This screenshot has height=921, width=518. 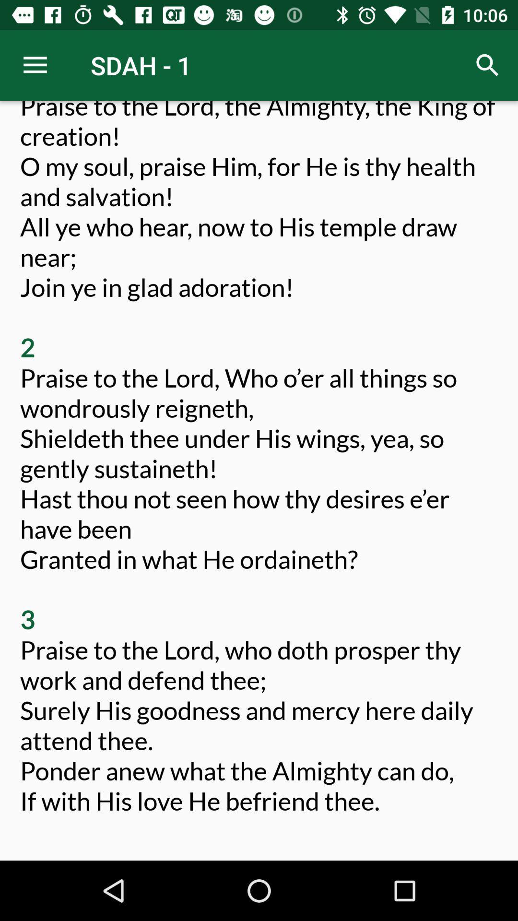 What do you see at coordinates (488, 65) in the screenshot?
I see `icon at the top right corner` at bounding box center [488, 65].